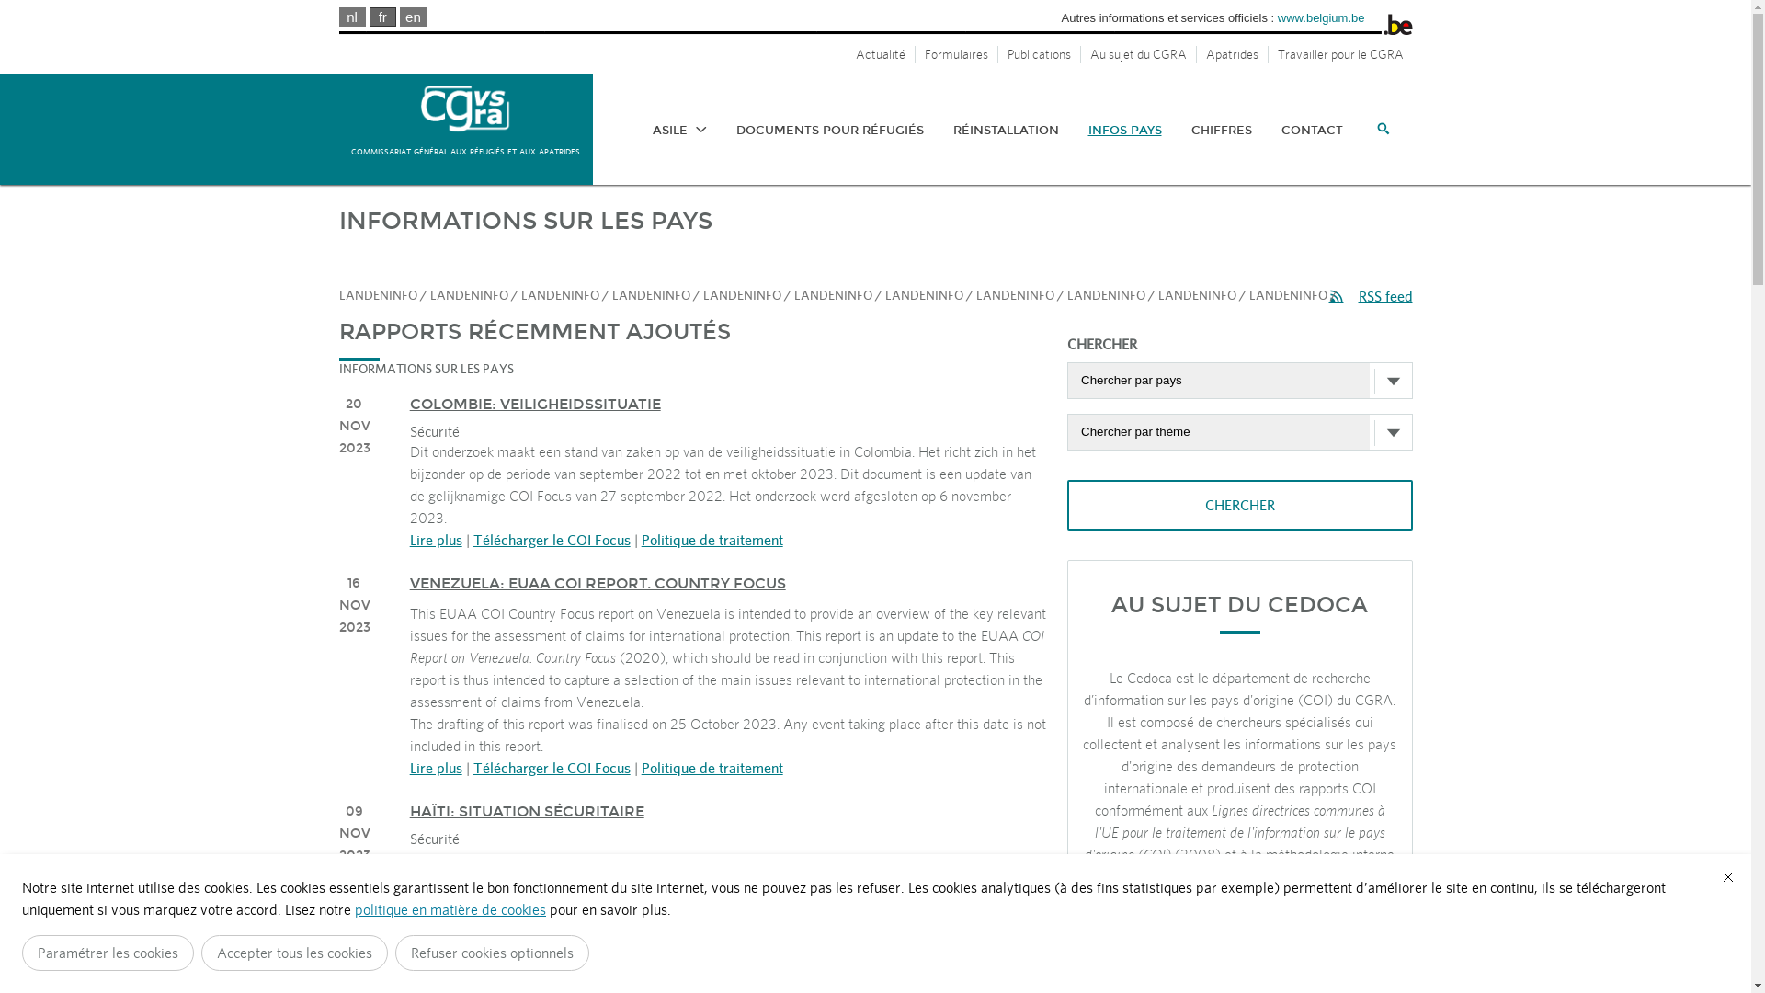 The image size is (1765, 993). I want to click on 'CONTACT', so click(1311, 129).